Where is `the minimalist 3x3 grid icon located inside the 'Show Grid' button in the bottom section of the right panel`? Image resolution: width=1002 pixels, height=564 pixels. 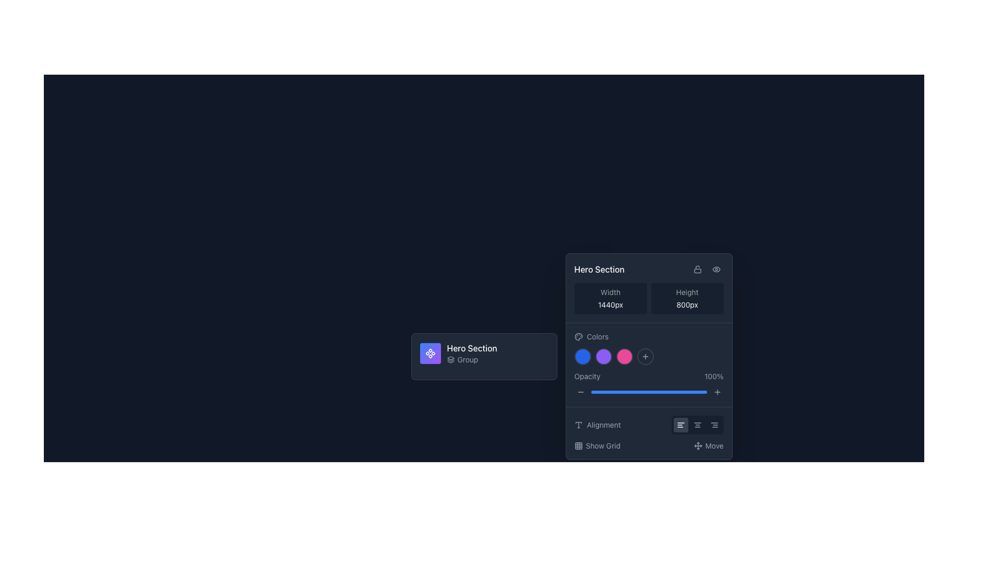
the minimalist 3x3 grid icon located inside the 'Show Grid' button in the bottom section of the right panel is located at coordinates (578, 445).